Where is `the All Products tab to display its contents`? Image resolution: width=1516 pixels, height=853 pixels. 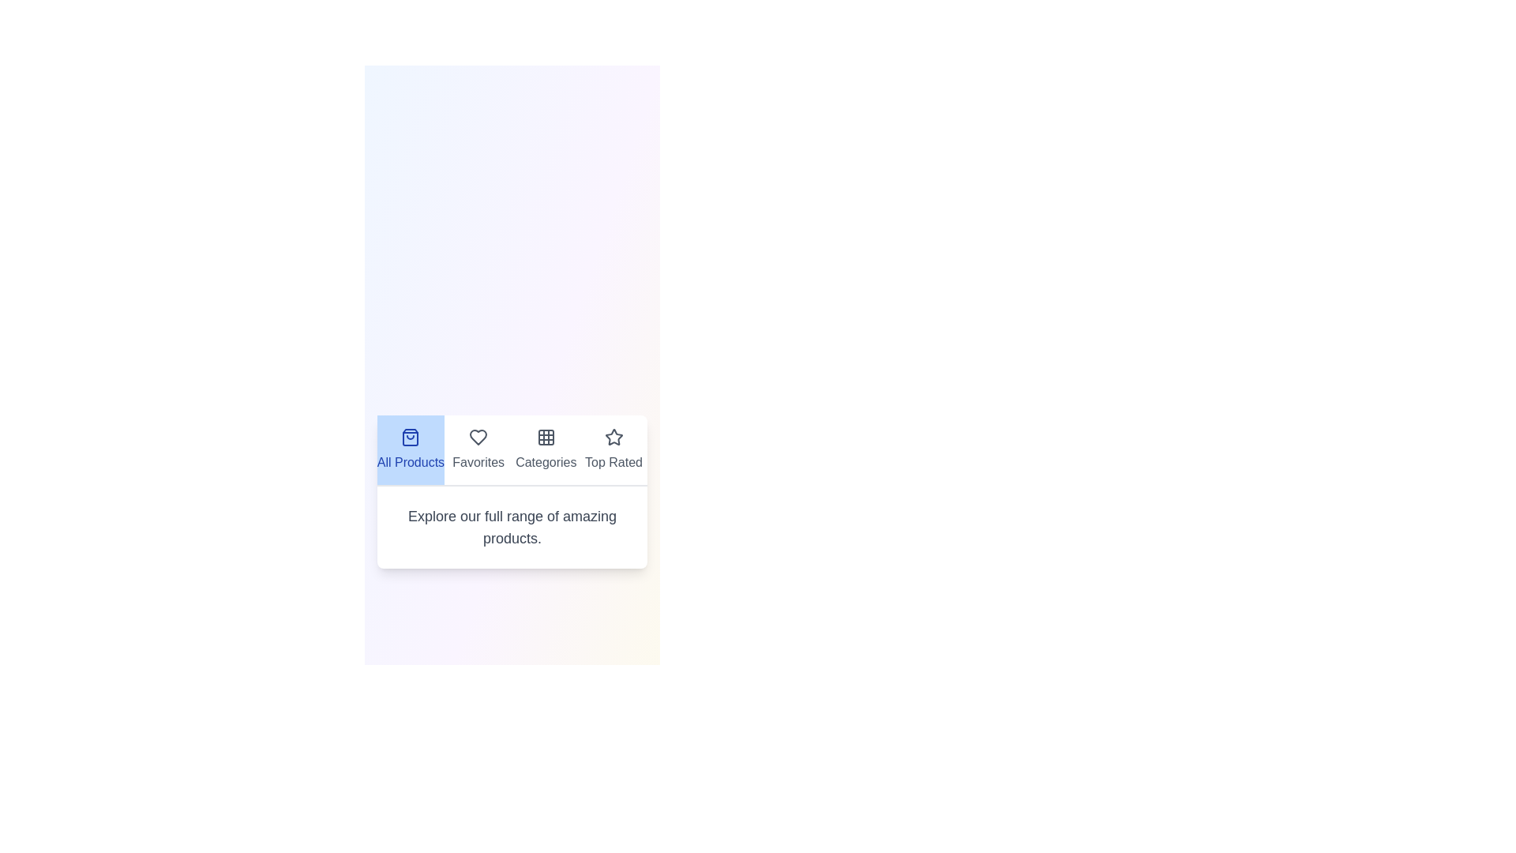
the All Products tab to display its contents is located at coordinates (411, 450).